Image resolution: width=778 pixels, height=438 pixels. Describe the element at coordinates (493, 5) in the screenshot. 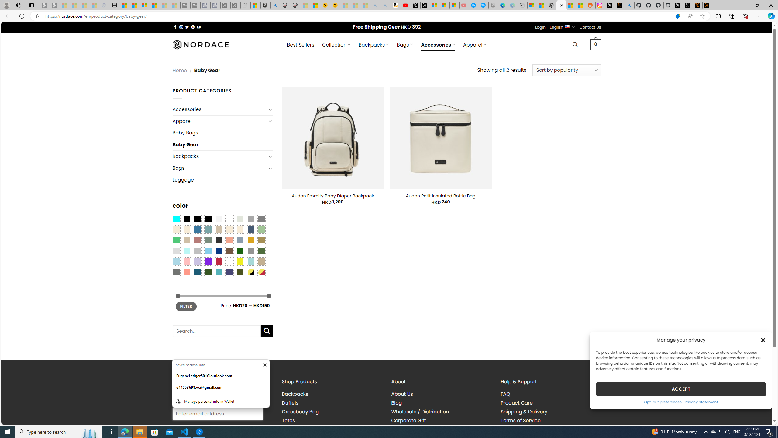

I see `'Nordace - Nordace has arrived Hong Kong - Sleeping'` at that location.